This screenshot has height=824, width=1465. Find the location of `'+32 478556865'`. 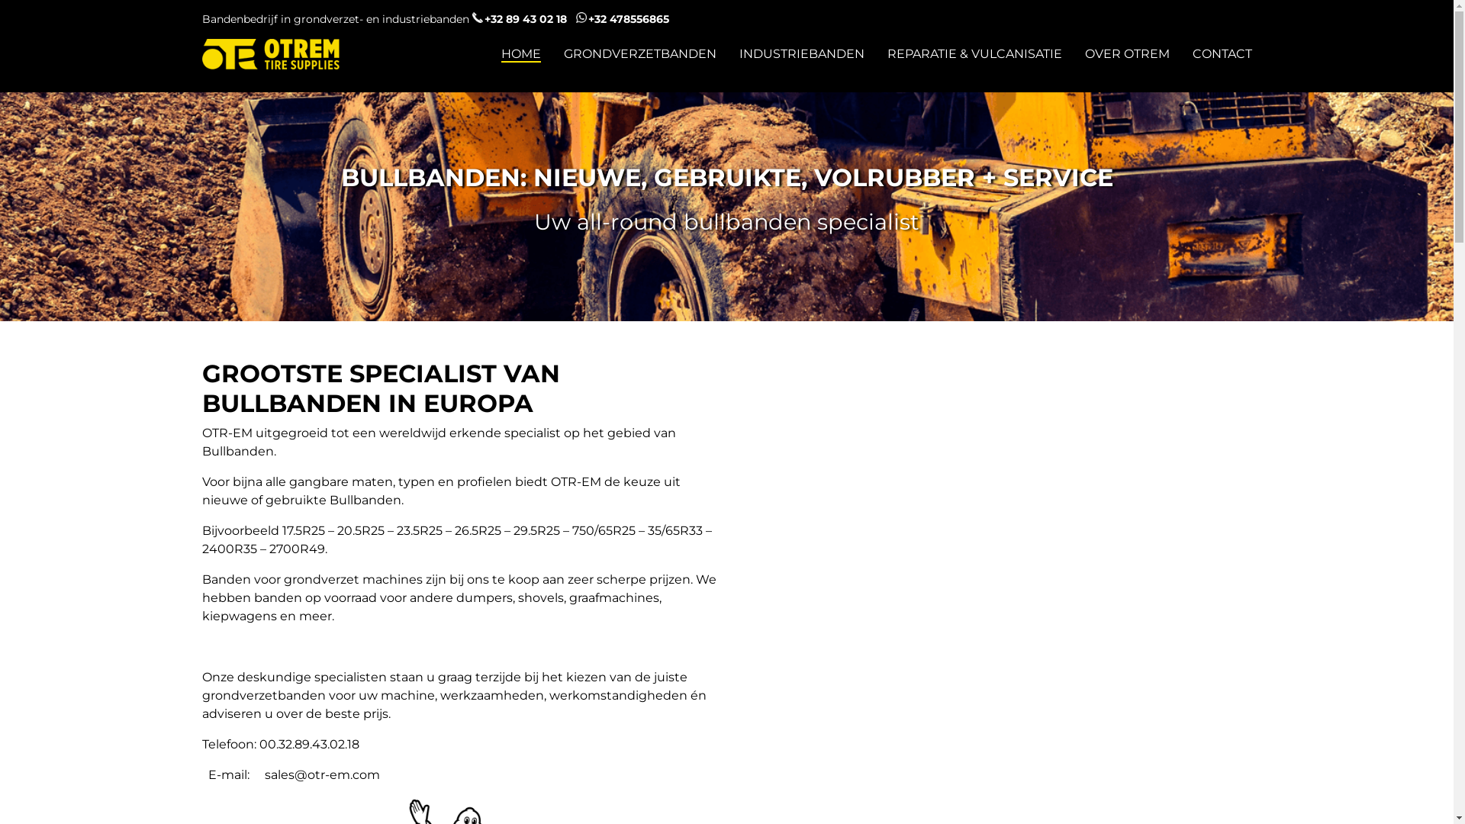

'+32 478556865' is located at coordinates (622, 18).